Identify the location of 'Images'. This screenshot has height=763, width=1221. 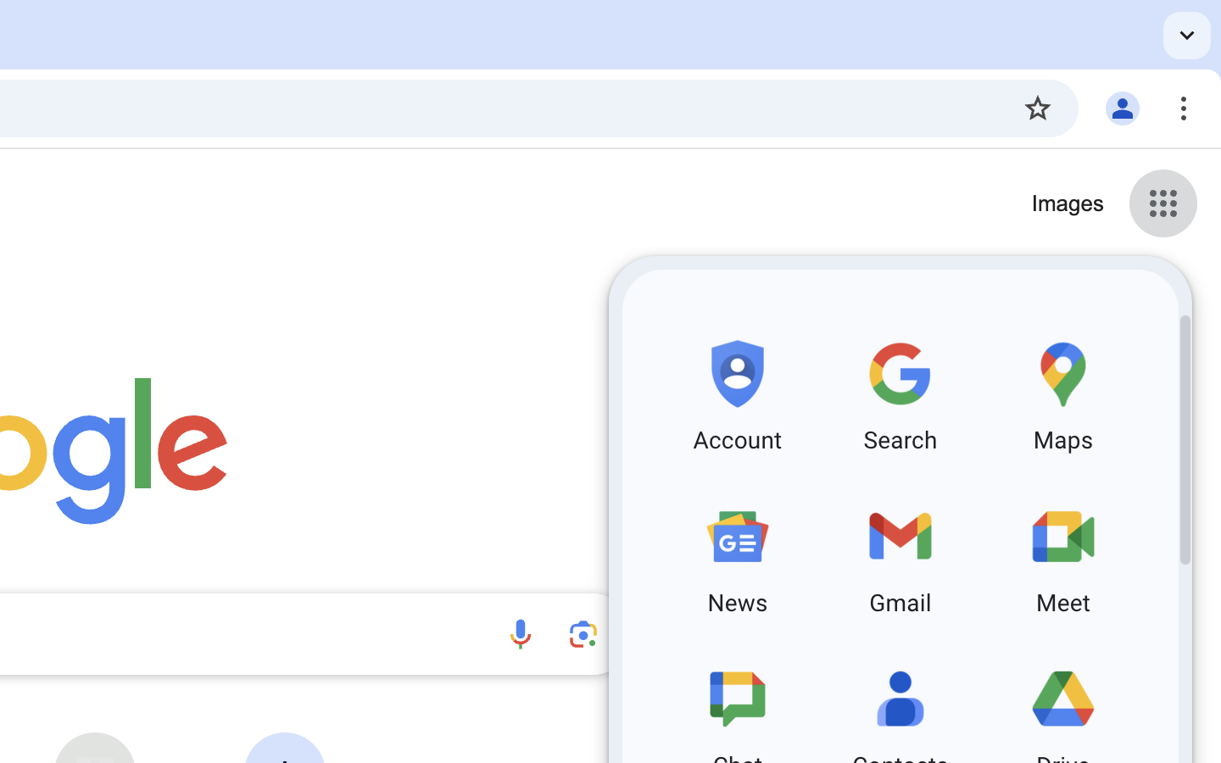
(1066, 203).